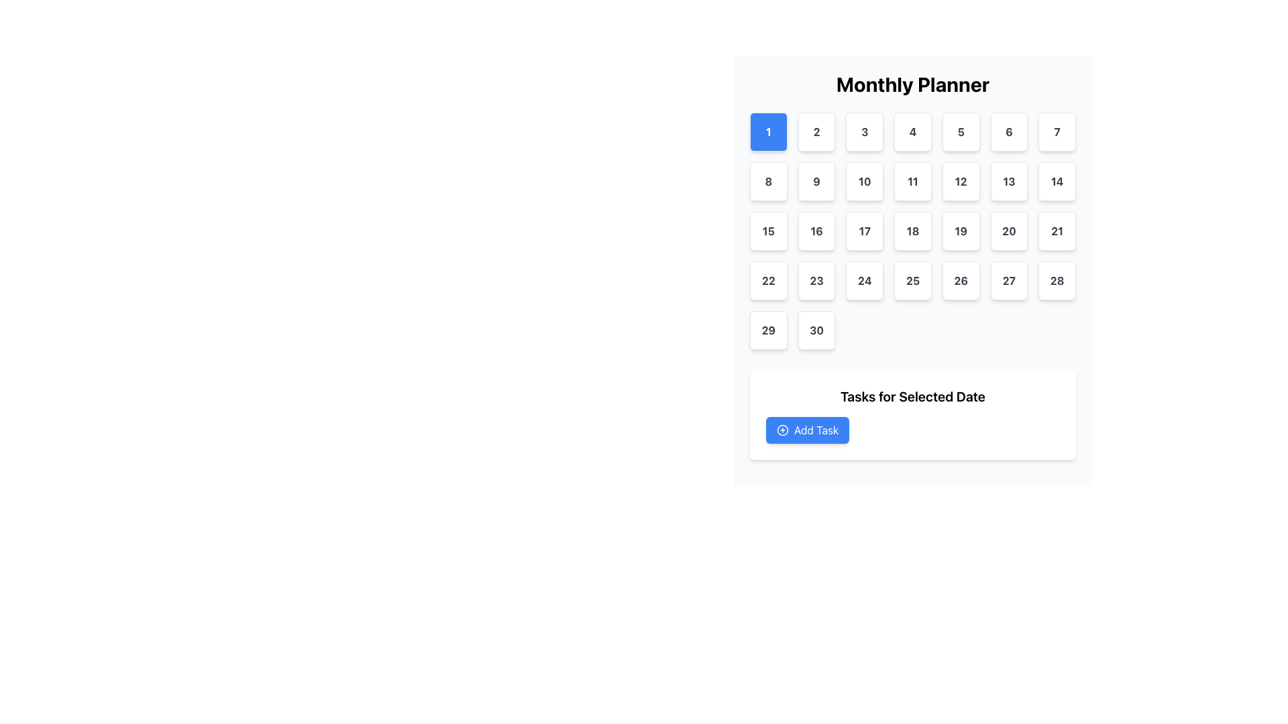  I want to click on from the fourth cell in the third row of the clickable calendar day grid, which contains the number '18', so click(912, 230).